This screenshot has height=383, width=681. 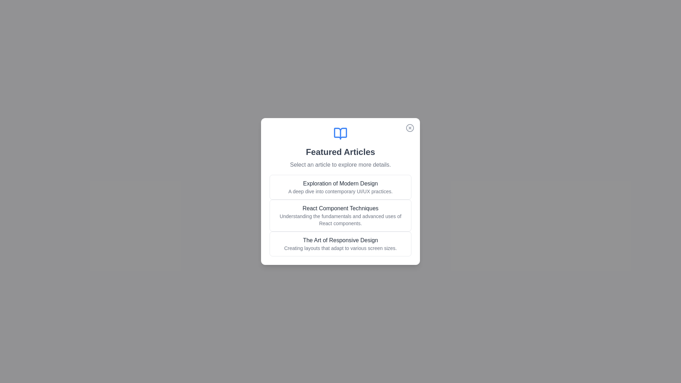 I want to click on the article titled React Component Techniques from the list, so click(x=340, y=215).